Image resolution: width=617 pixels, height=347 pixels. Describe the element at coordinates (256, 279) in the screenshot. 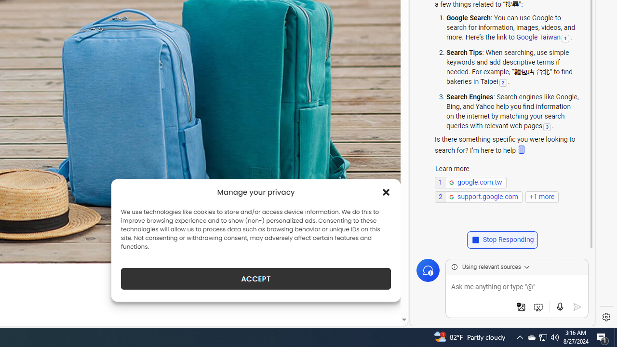

I see `'ACCEPT'` at that location.